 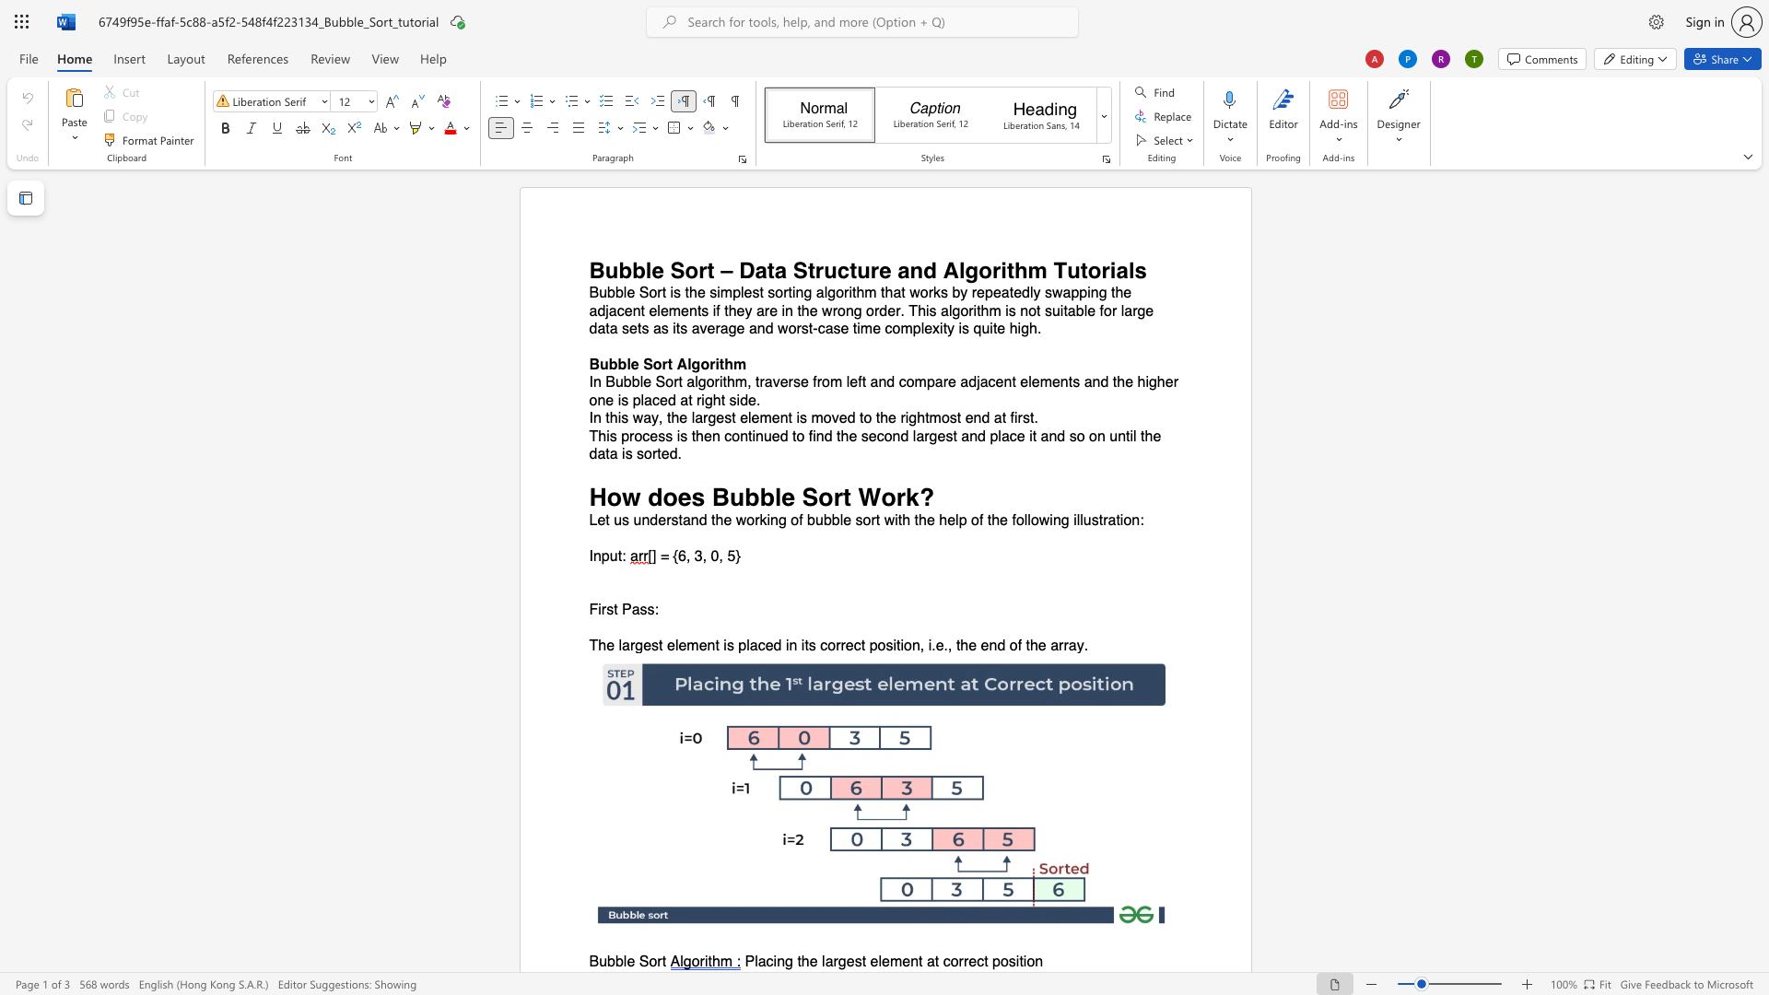 What do you see at coordinates (922, 645) in the screenshot?
I see `the 1th character "," in the text` at bounding box center [922, 645].